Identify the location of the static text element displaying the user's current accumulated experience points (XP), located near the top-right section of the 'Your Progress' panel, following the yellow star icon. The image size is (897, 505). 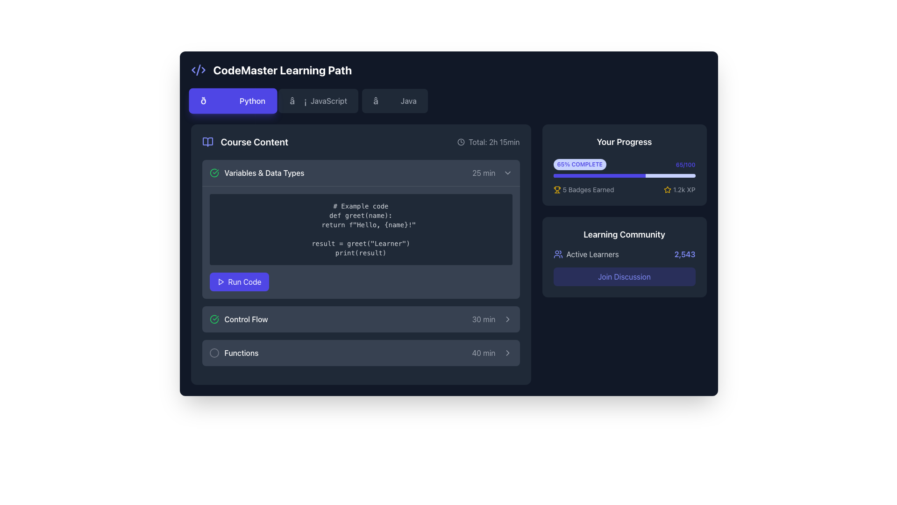
(684, 189).